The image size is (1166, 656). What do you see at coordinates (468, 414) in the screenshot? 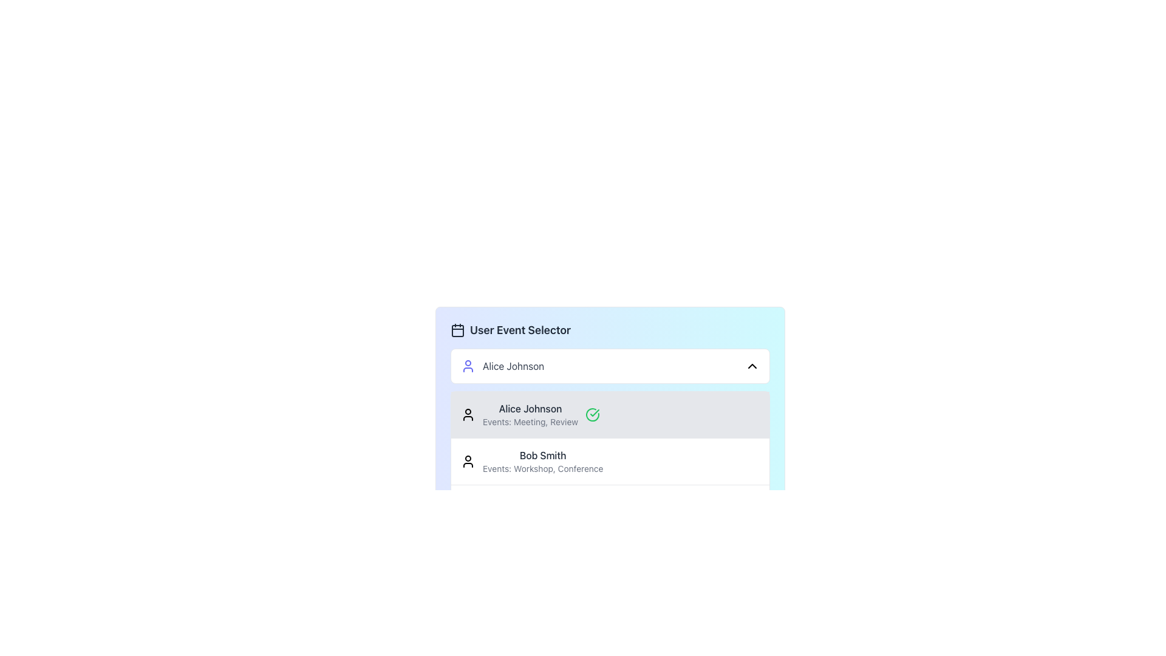
I see `the user profile icon located on the left side of the text 'Alice Johnson Events: Meeting, Review' in the second row of the user event list interface` at bounding box center [468, 414].